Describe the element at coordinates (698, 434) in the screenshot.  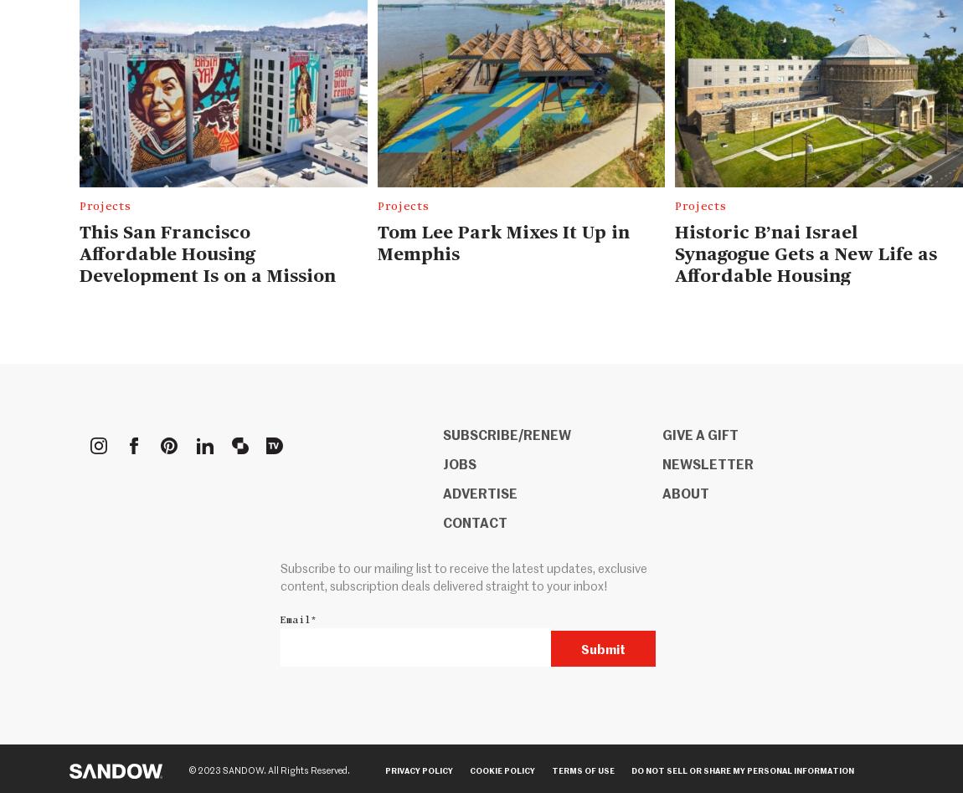
I see `'Give a Gift'` at that location.